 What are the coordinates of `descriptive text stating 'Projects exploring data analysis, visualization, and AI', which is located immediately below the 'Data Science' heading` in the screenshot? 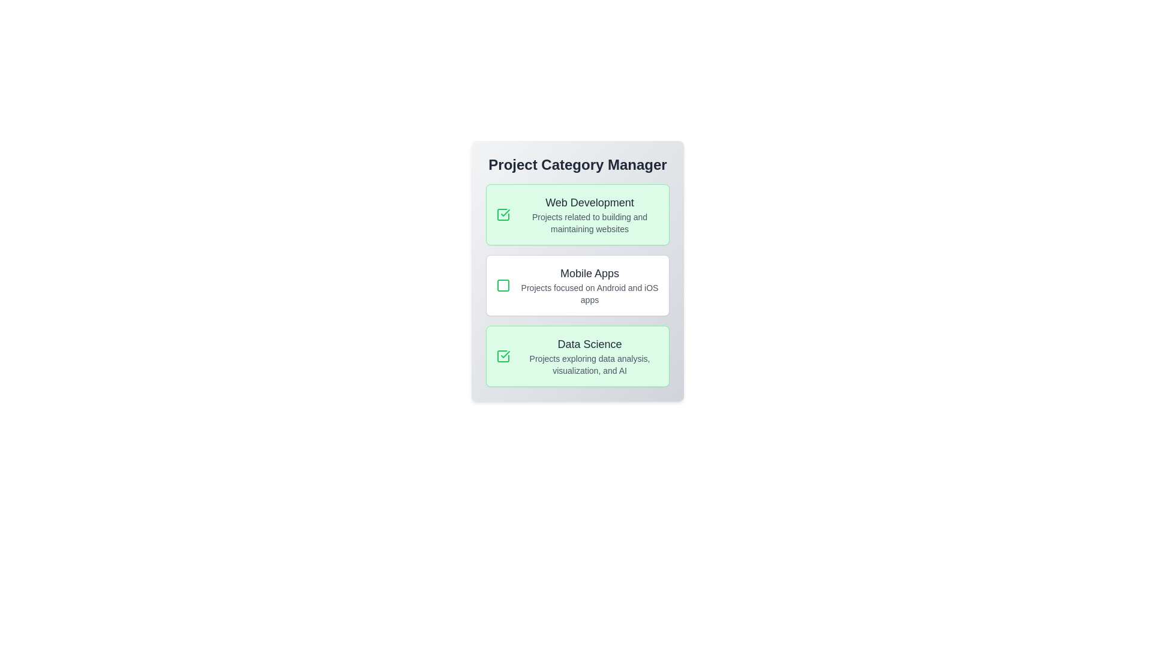 It's located at (590, 364).